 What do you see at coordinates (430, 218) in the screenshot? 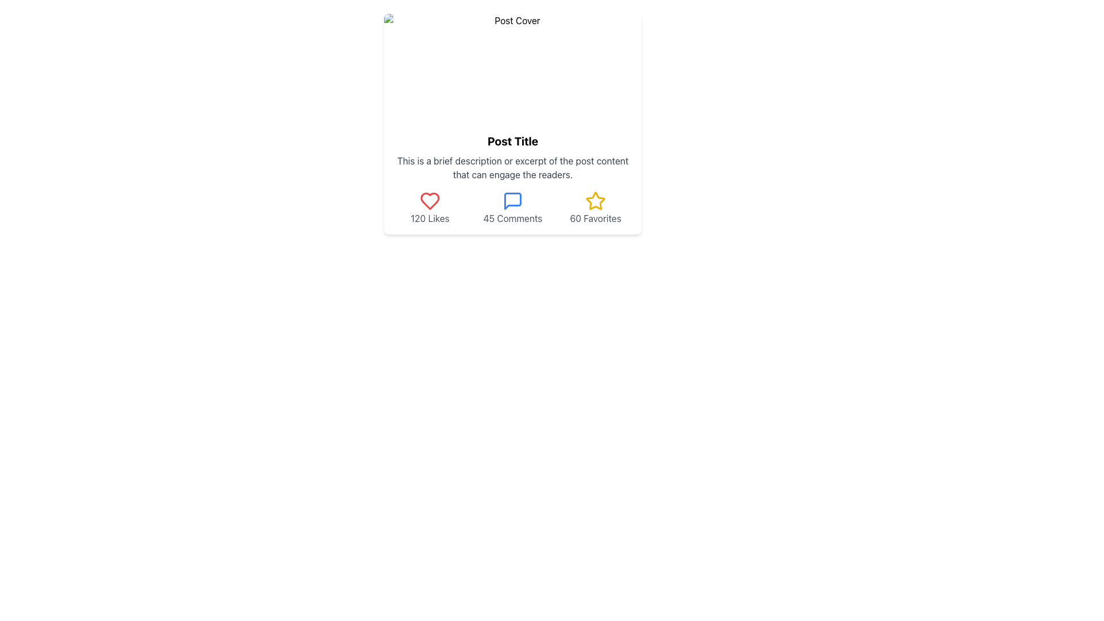
I see `the text label that displays the number of likes for the post, located centrally in the lower part of the card layout` at bounding box center [430, 218].